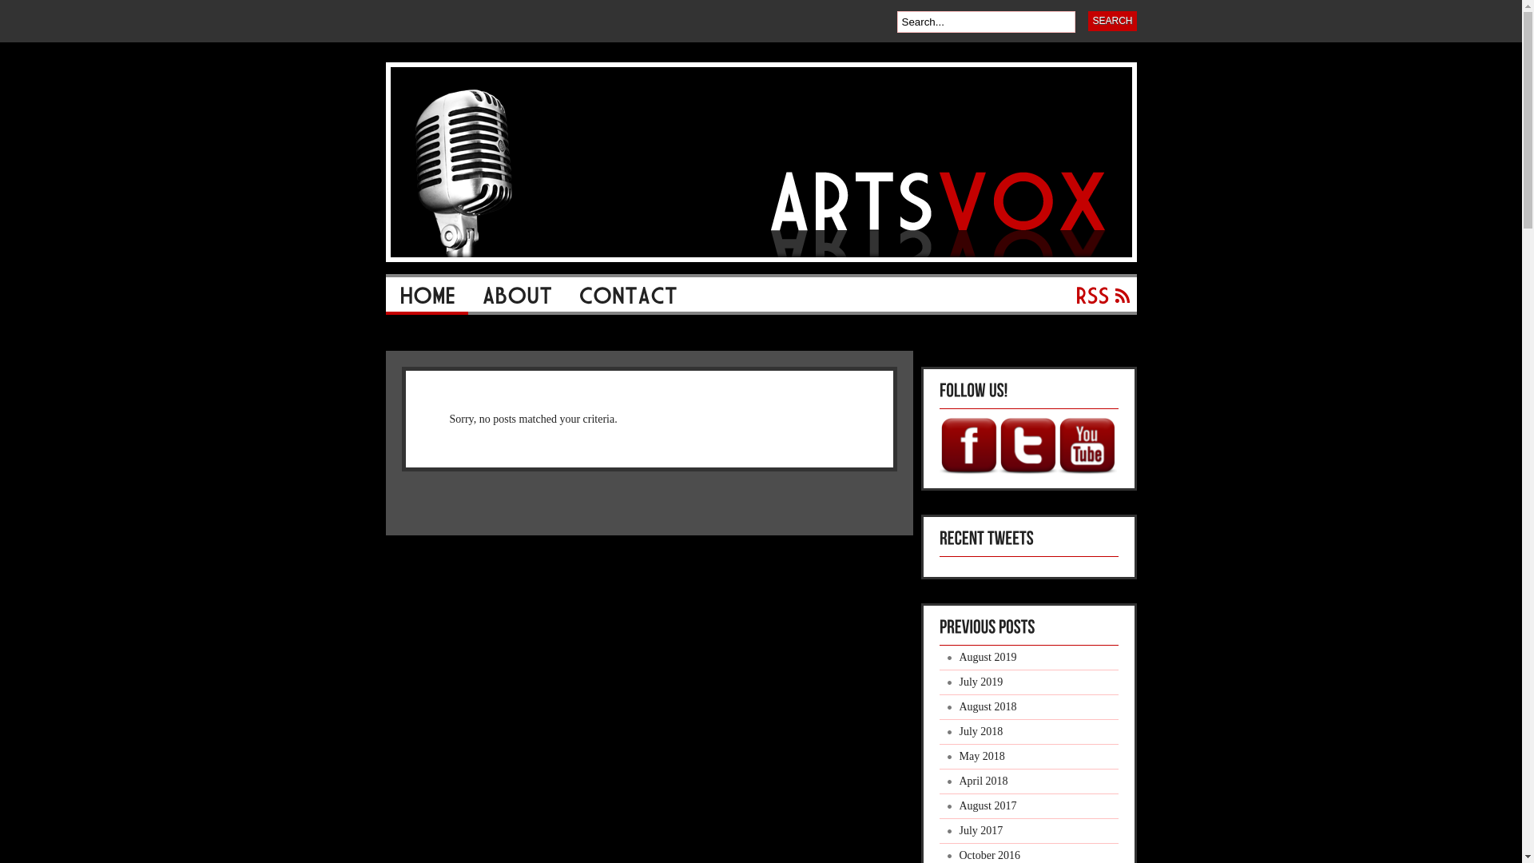 The height and width of the screenshot is (863, 1534). Describe the element at coordinates (1028, 830) in the screenshot. I see `'July 2017'` at that location.